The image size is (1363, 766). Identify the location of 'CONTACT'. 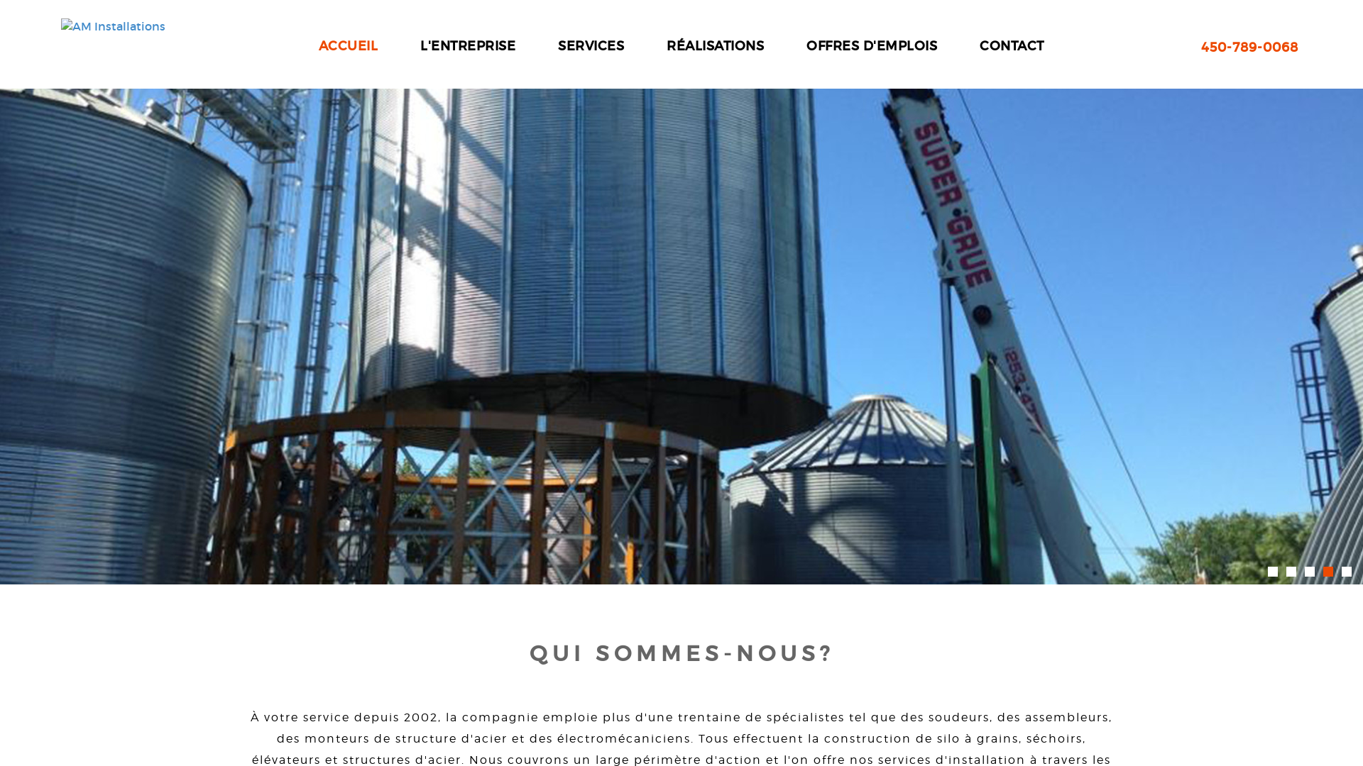
(1011, 45).